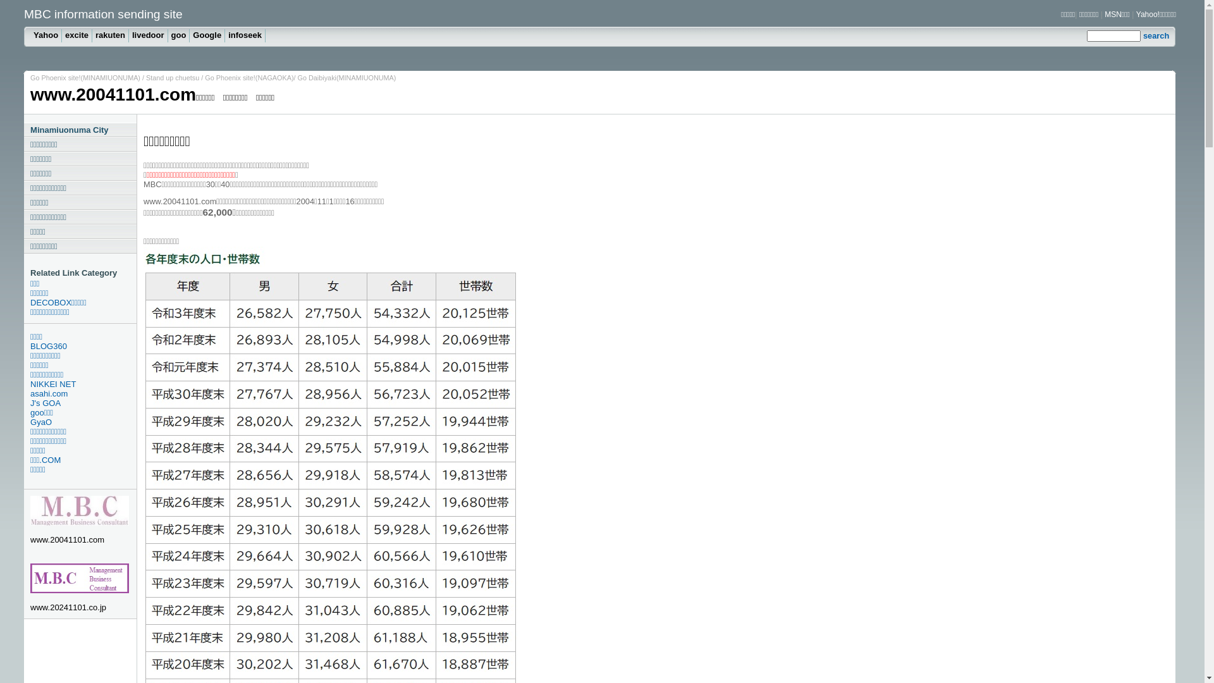 The image size is (1214, 683). Describe the element at coordinates (346, 78) in the screenshot. I see `'Go Daibiyaki(MINAMIUONUMA)'` at that location.